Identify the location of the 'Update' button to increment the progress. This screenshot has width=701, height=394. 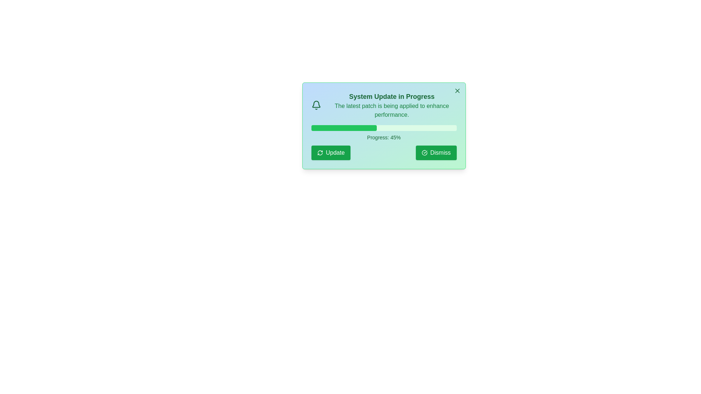
(330, 152).